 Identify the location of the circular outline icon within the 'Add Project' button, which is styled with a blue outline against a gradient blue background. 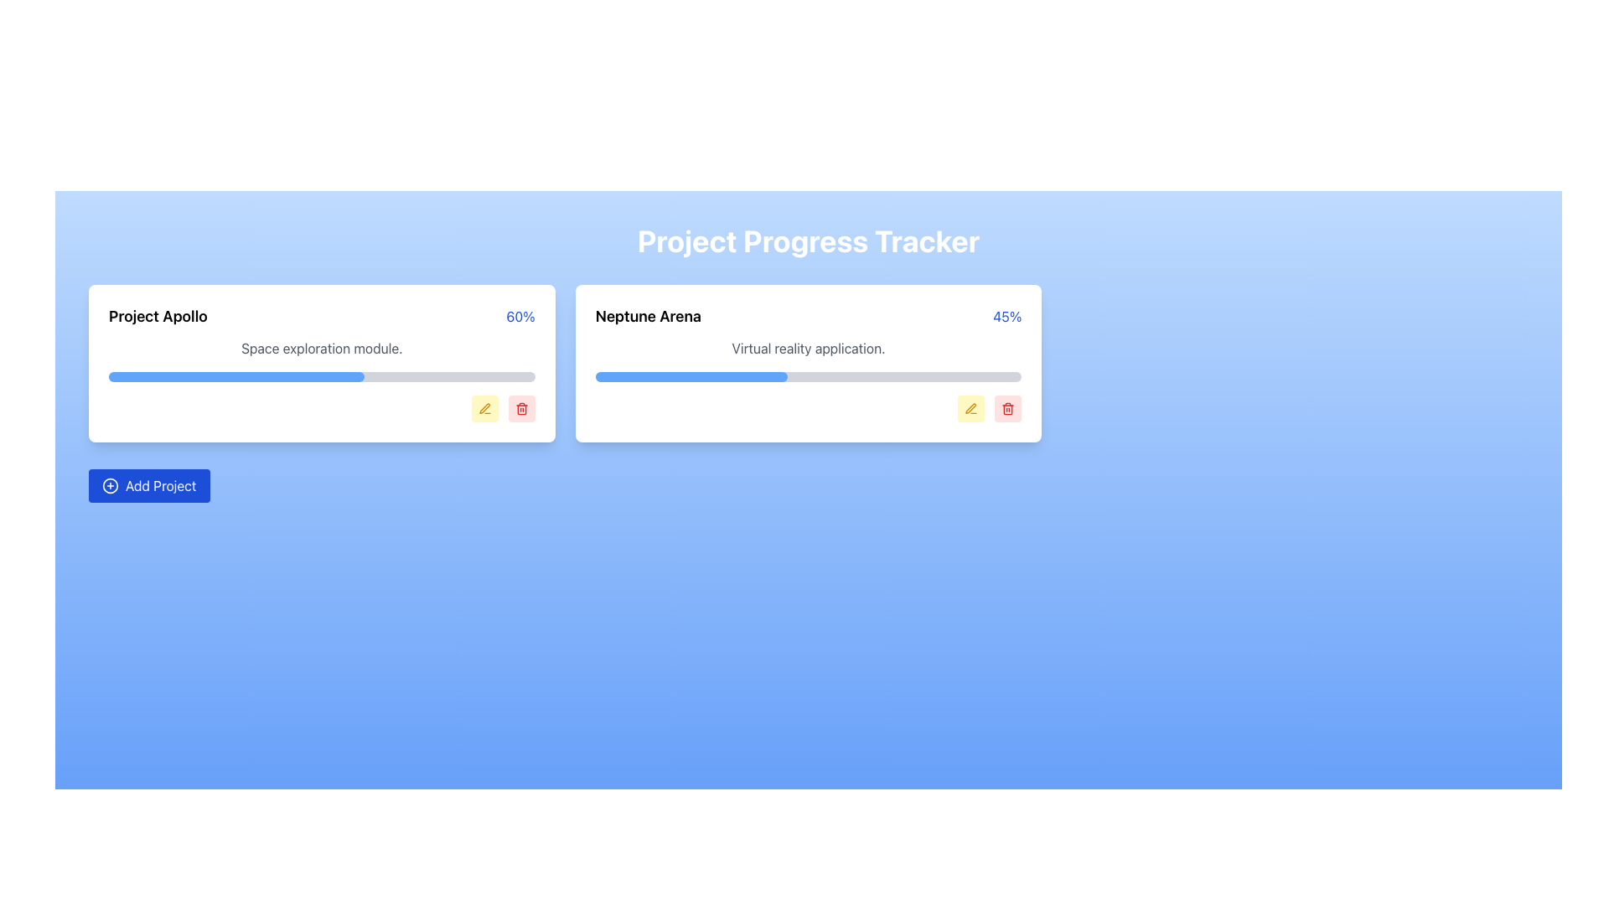
(110, 485).